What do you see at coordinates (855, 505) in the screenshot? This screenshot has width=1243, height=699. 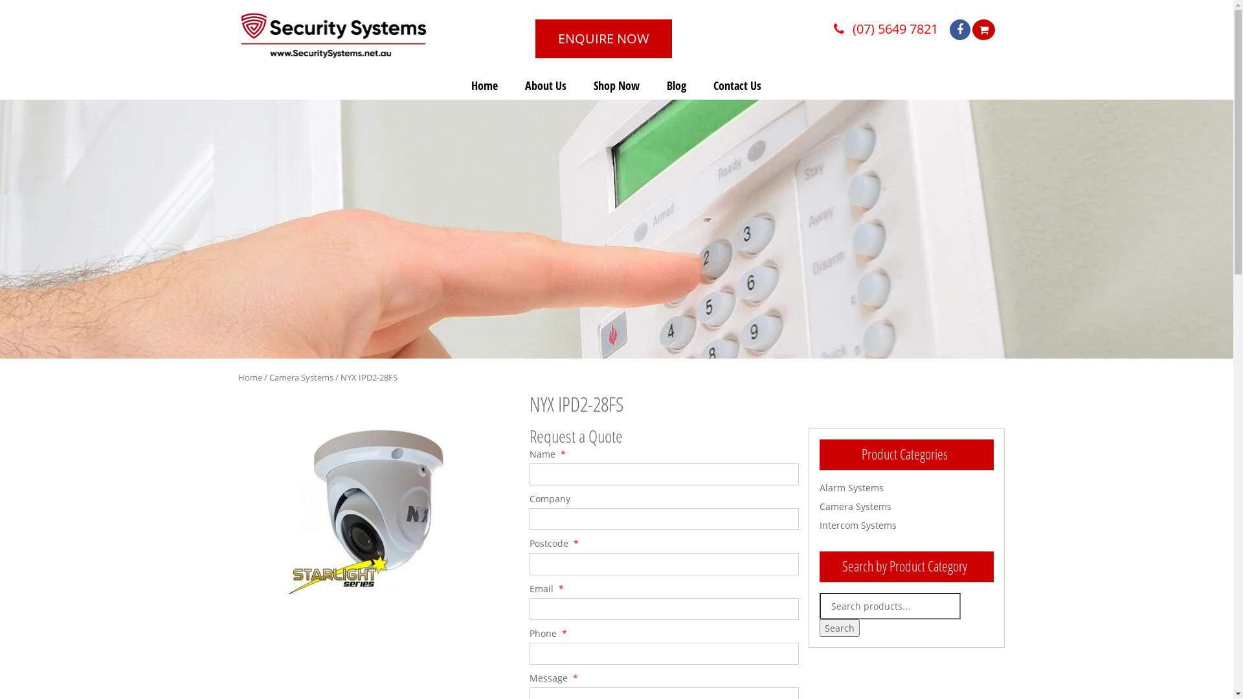 I see `'Camera Systems'` at bounding box center [855, 505].